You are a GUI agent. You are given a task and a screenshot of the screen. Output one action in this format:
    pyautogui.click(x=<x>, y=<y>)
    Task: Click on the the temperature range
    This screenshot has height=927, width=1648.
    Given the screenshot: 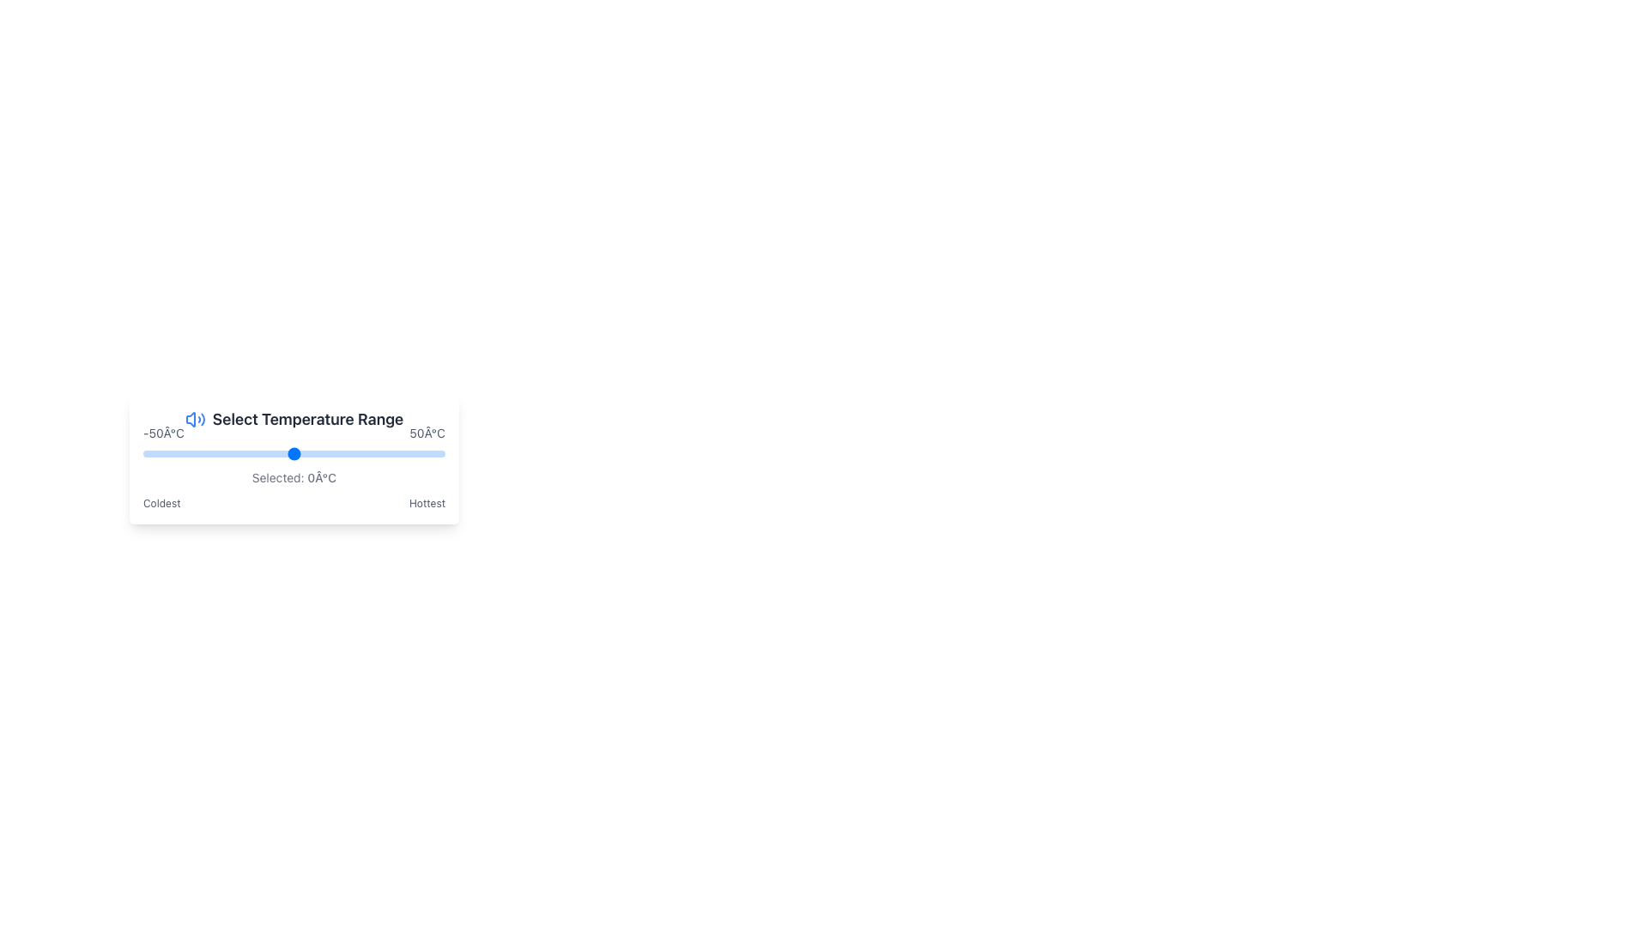 What is the action you would take?
    pyautogui.click(x=360, y=452)
    